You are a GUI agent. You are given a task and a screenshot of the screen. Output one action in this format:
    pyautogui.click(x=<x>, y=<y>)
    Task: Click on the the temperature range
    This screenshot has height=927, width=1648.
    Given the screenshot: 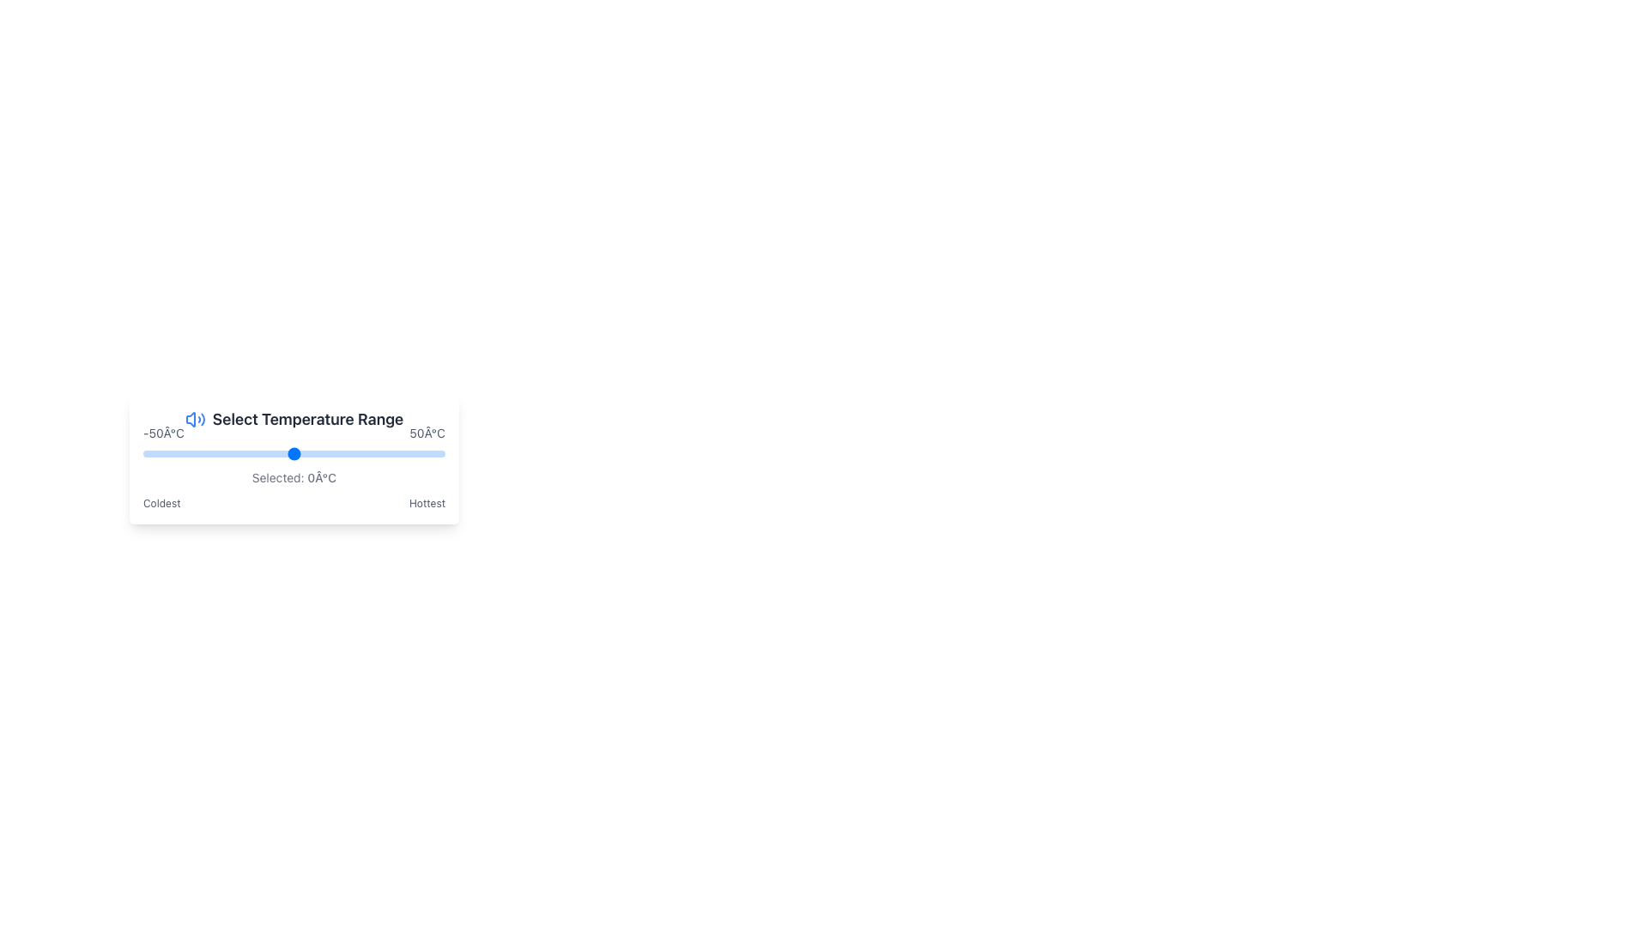 What is the action you would take?
    pyautogui.click(x=360, y=452)
    